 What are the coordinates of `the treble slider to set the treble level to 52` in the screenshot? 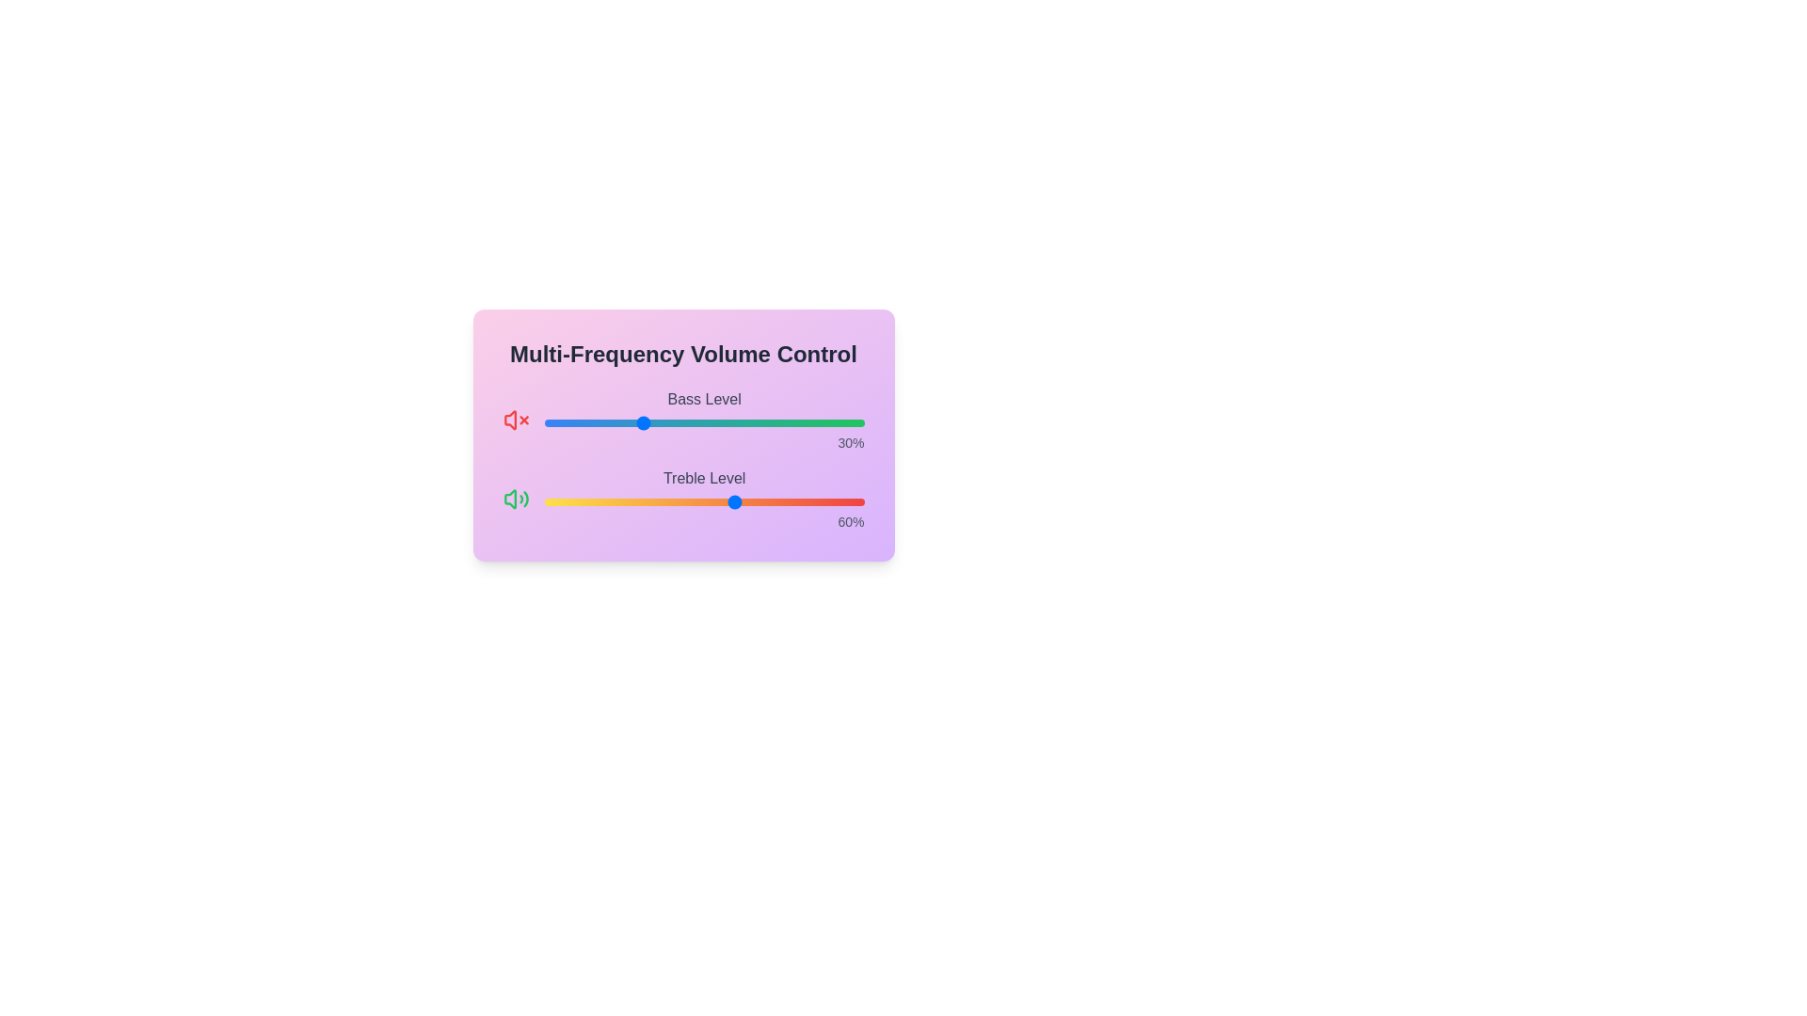 It's located at (710, 500).